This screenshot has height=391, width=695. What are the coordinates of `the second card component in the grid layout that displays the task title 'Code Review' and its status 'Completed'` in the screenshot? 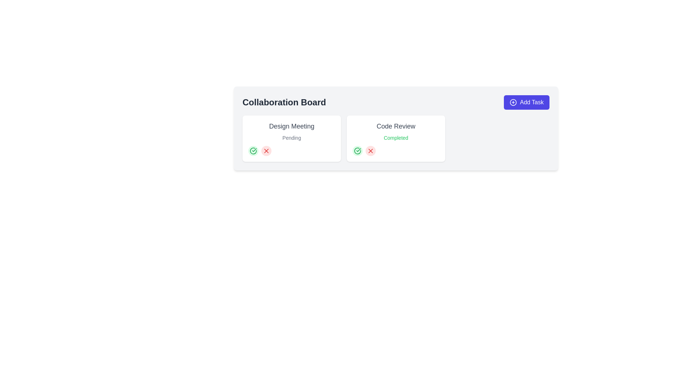 It's located at (396, 138).